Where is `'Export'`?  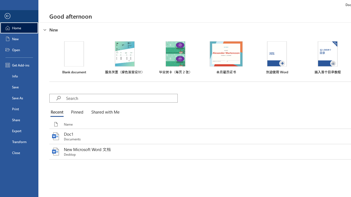 'Export' is located at coordinates (19, 131).